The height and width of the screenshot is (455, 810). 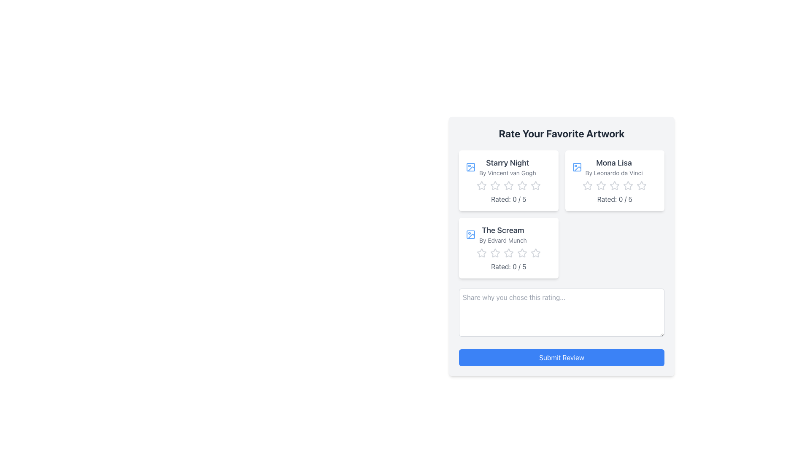 I want to click on the third star-shaped icon in the second card titled 'Mona Lisa' to set a 3-star rating, so click(x=628, y=185).